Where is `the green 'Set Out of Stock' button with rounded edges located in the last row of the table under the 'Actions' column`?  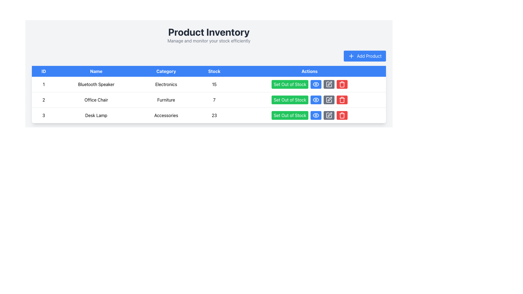 the green 'Set Out of Stock' button with rounded edges located in the last row of the table under the 'Actions' column is located at coordinates (309, 115).